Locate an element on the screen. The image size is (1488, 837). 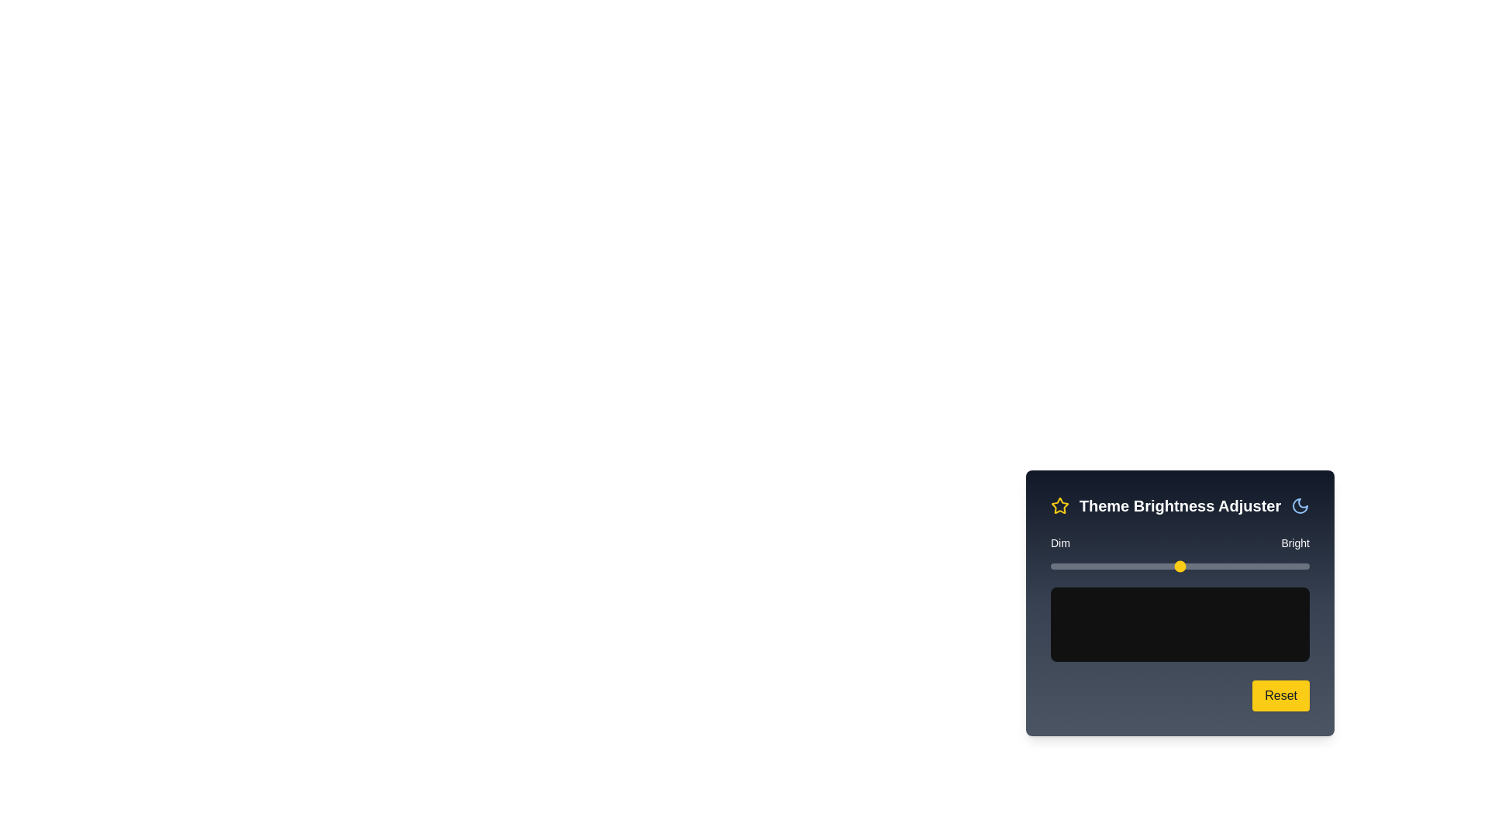
the brightness slider to 56% and observe the preview area is located at coordinates (1195, 567).